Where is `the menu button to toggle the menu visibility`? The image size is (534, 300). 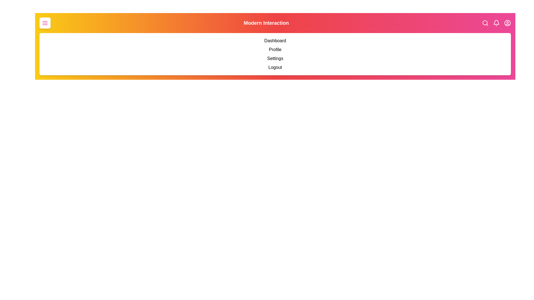
the menu button to toggle the menu visibility is located at coordinates (45, 23).